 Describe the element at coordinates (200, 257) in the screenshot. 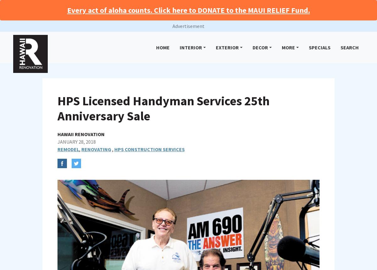

I see `'.'` at that location.